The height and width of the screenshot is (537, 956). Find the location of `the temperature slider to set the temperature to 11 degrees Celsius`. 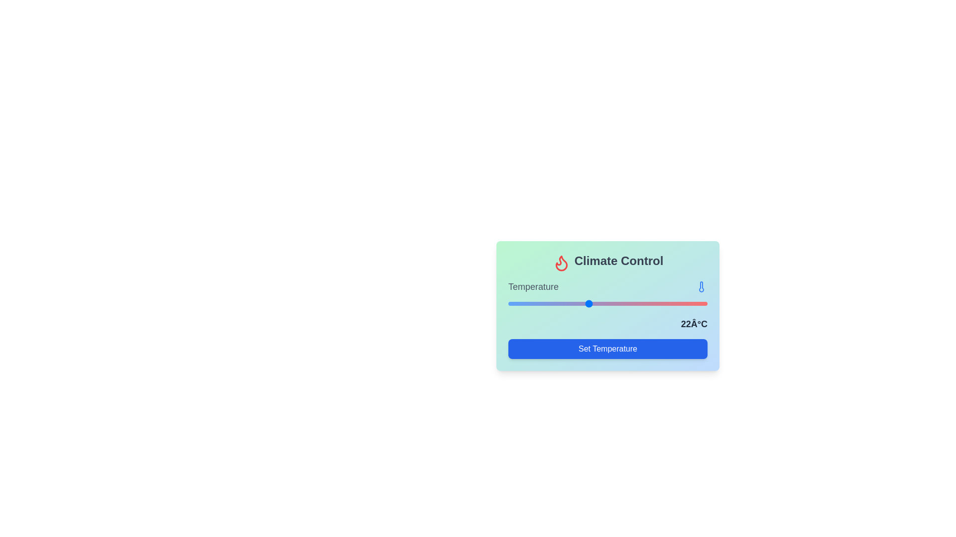

the temperature slider to set the temperature to 11 degrees Celsius is located at coordinates (515, 302).